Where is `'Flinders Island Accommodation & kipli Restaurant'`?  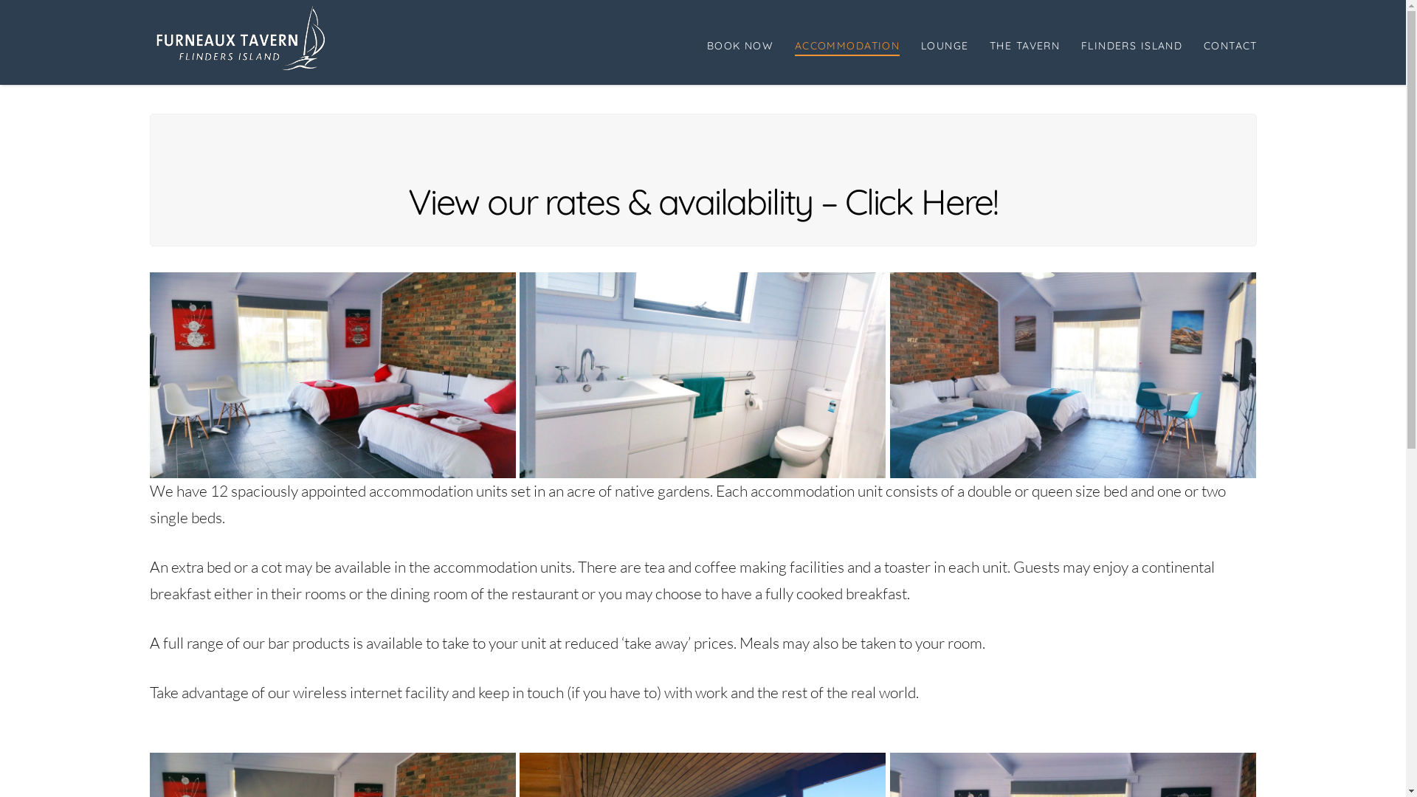 'Flinders Island Accommodation & kipli Restaurant' is located at coordinates (241, 36).